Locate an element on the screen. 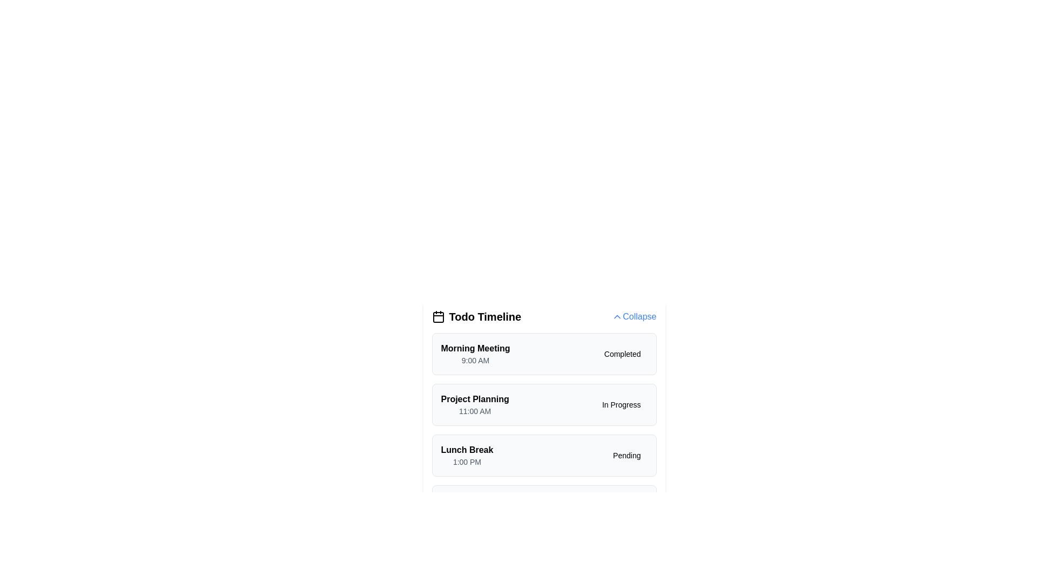  text label 'Lunch Break' which is styled in bold, located above '1:00 PM' in the timeline view is located at coordinates (467, 450).